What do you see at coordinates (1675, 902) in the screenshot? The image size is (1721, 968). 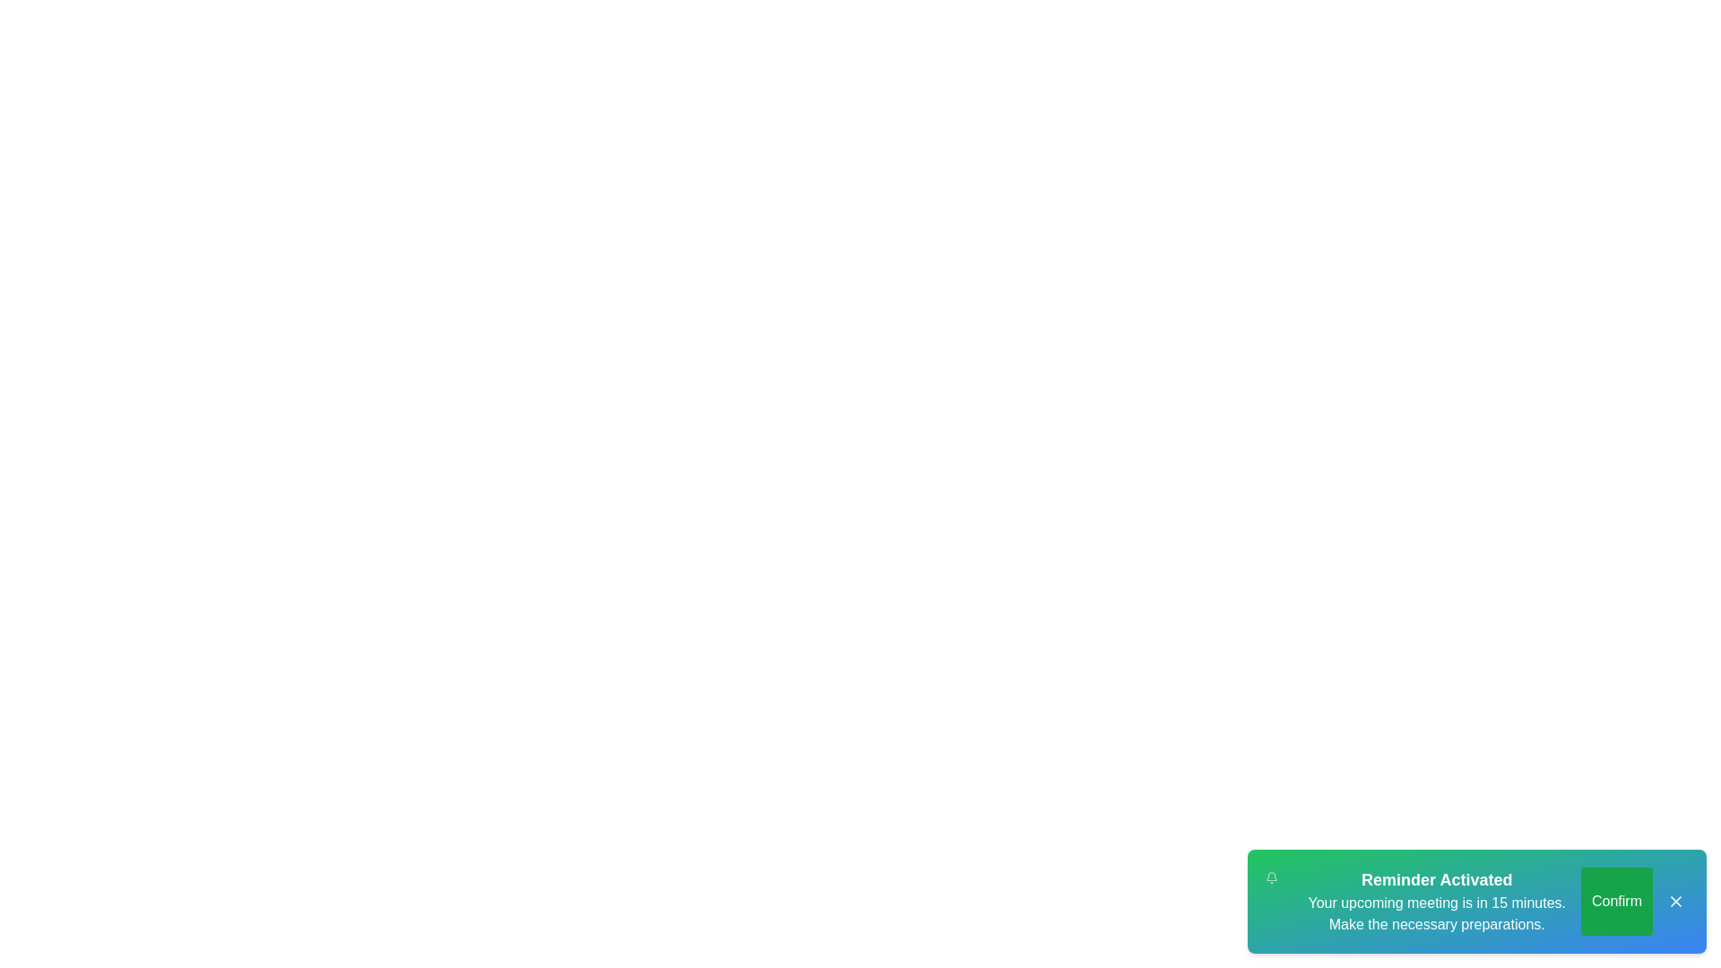 I see `the close button to dismiss the snackbar` at bounding box center [1675, 902].